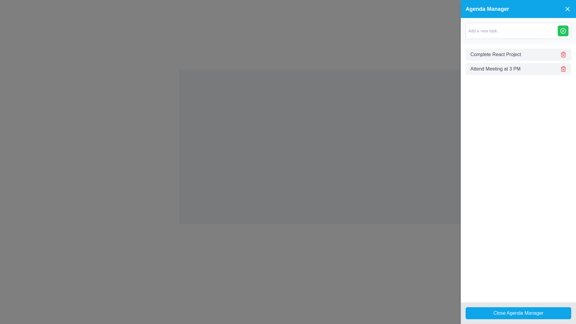 Image resolution: width=576 pixels, height=324 pixels. I want to click on the Task list item labeled 'Complete React Project' in the Agenda Manager panel, which has a light gray background and a trash icon for deletion, so click(518, 54).